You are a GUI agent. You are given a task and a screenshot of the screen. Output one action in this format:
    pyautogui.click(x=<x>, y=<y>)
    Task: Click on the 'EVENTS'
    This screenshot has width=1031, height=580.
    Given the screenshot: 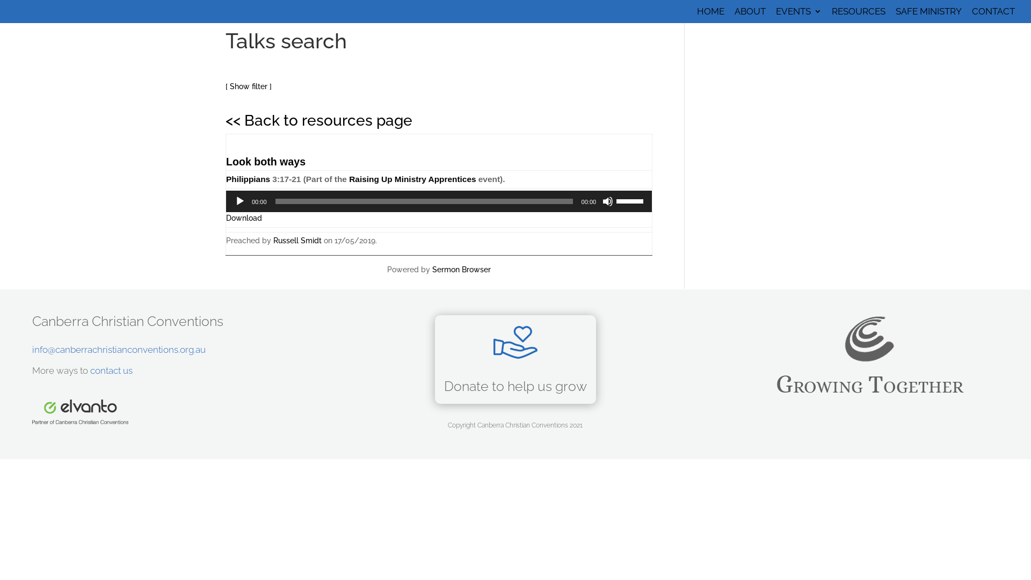 What is the action you would take?
    pyautogui.click(x=775, y=15)
    